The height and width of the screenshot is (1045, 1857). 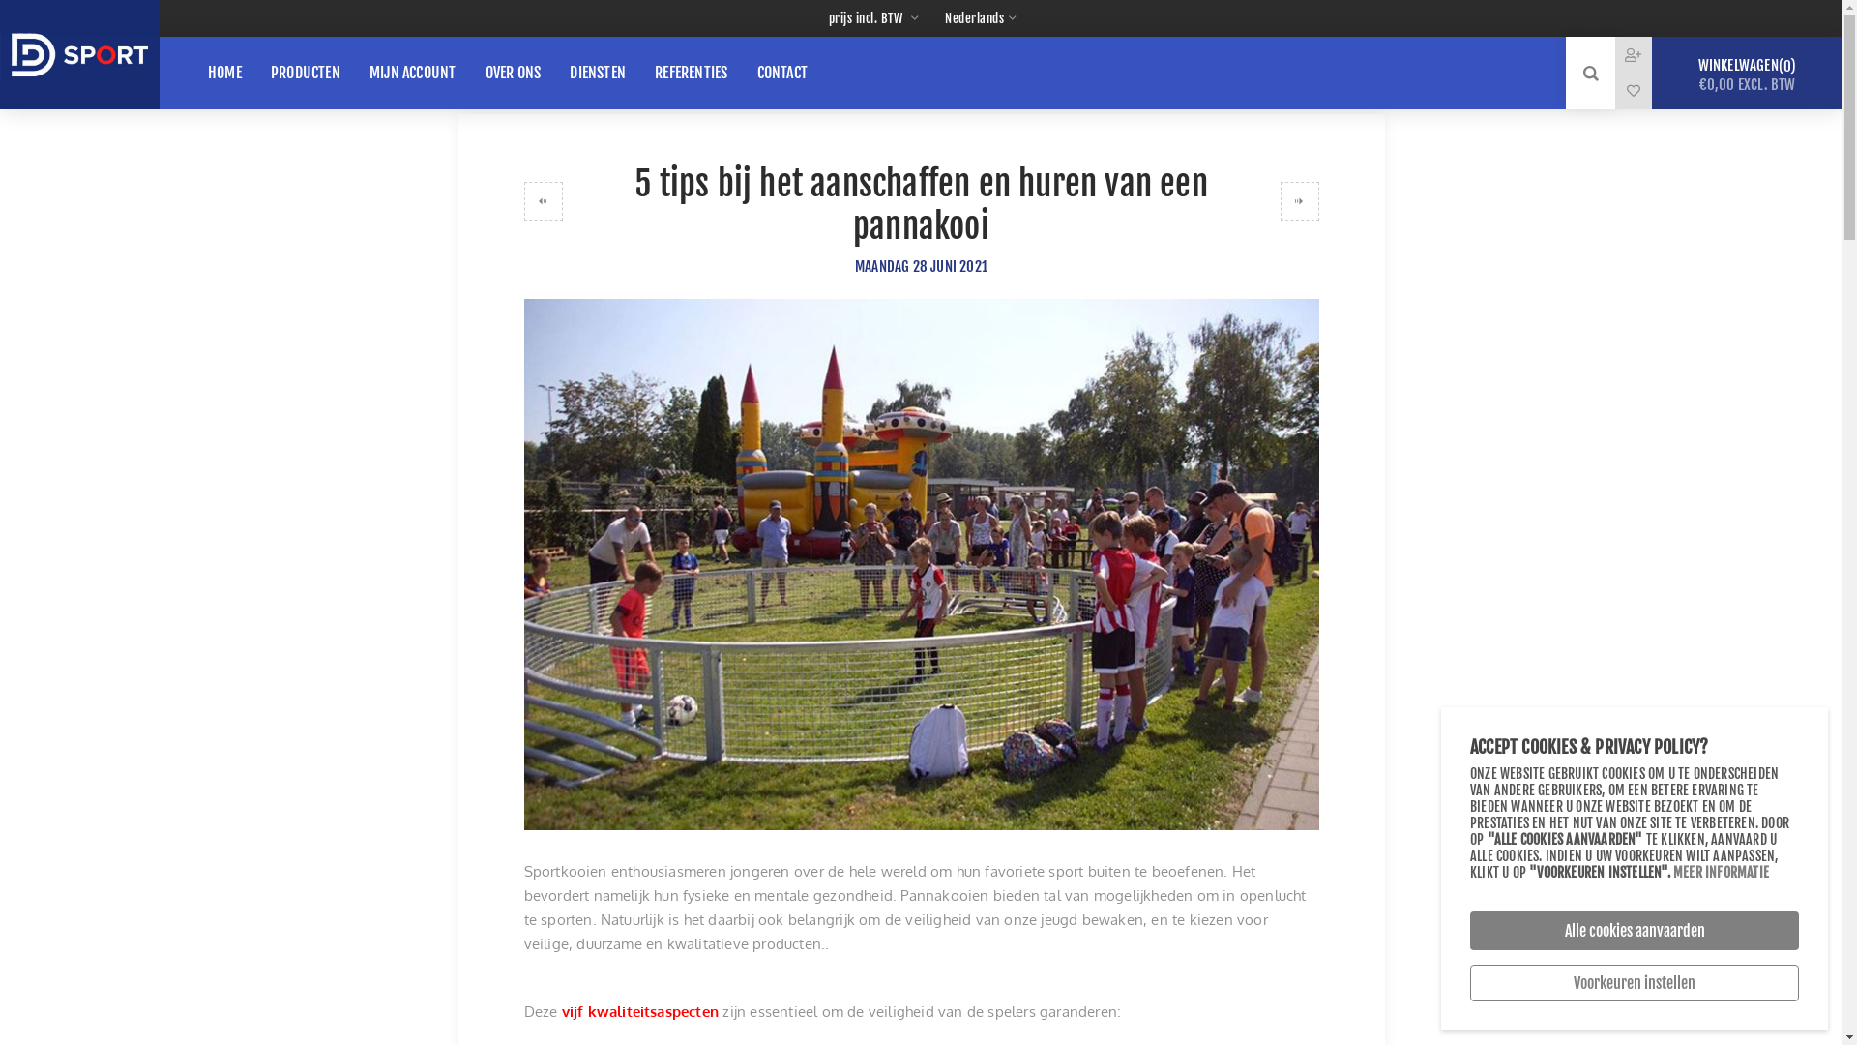 What do you see at coordinates (1633, 982) in the screenshot?
I see `'Voorkeuren instellen'` at bounding box center [1633, 982].